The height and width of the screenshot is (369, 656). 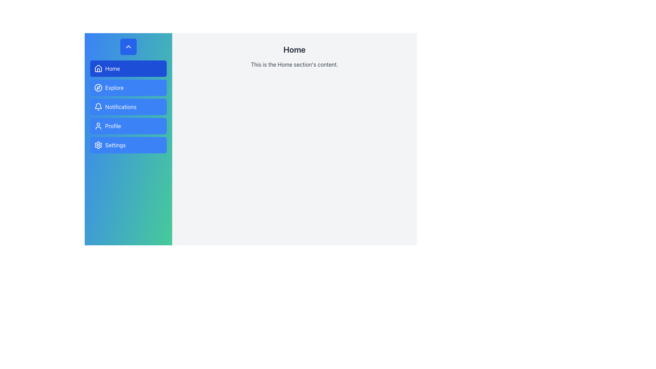 I want to click on the circular gear icon located in the 'Settings' menu option in the sidebar, which is to the left of the word 'Settings', so click(x=98, y=145).